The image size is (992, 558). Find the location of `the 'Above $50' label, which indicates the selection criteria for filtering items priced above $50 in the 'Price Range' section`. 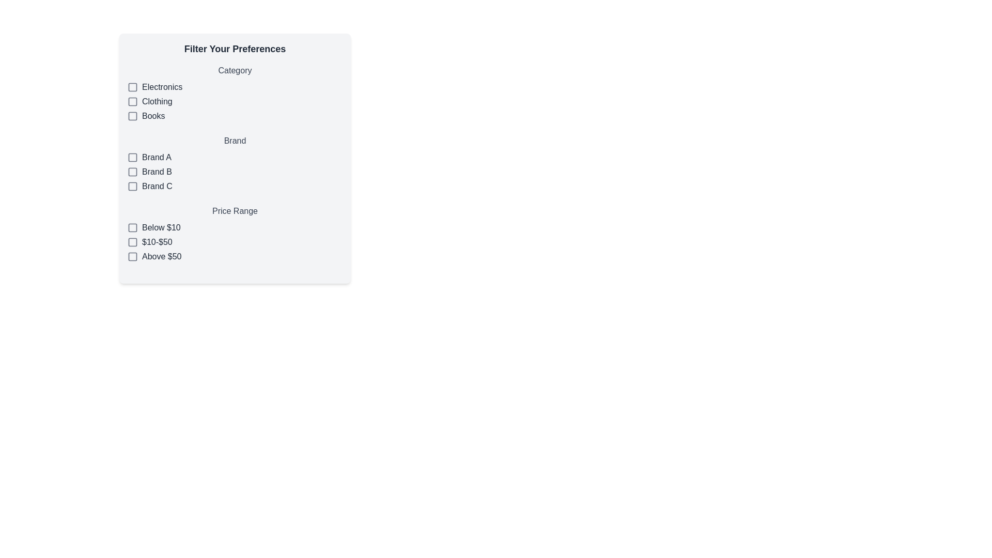

the 'Above $50' label, which indicates the selection criteria for filtering items priced above $50 in the 'Price Range' section is located at coordinates (161, 256).